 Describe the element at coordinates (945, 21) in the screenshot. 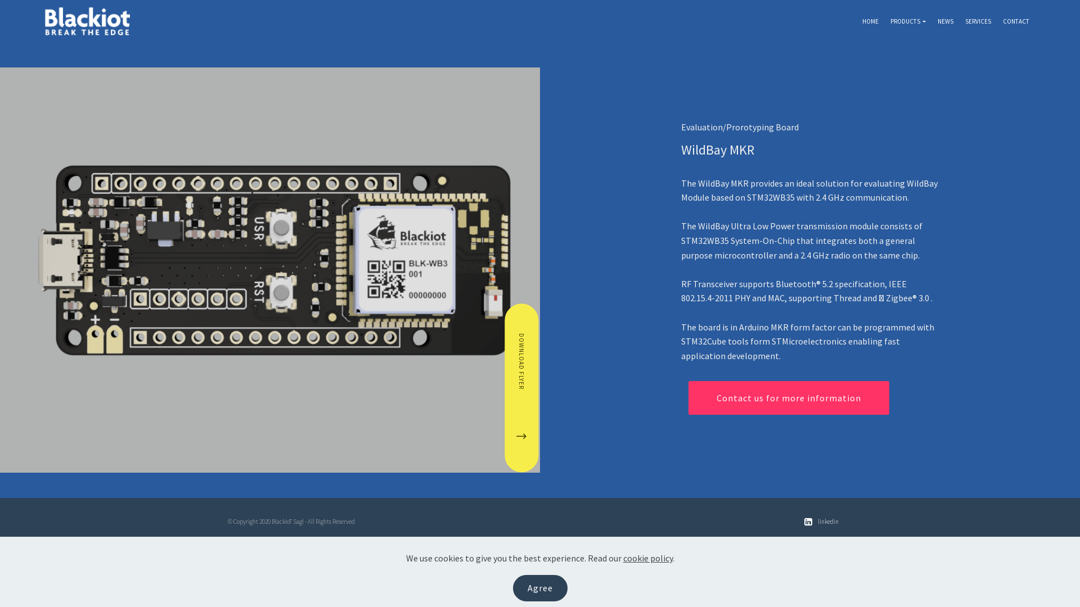

I see `'NEWS'` at that location.